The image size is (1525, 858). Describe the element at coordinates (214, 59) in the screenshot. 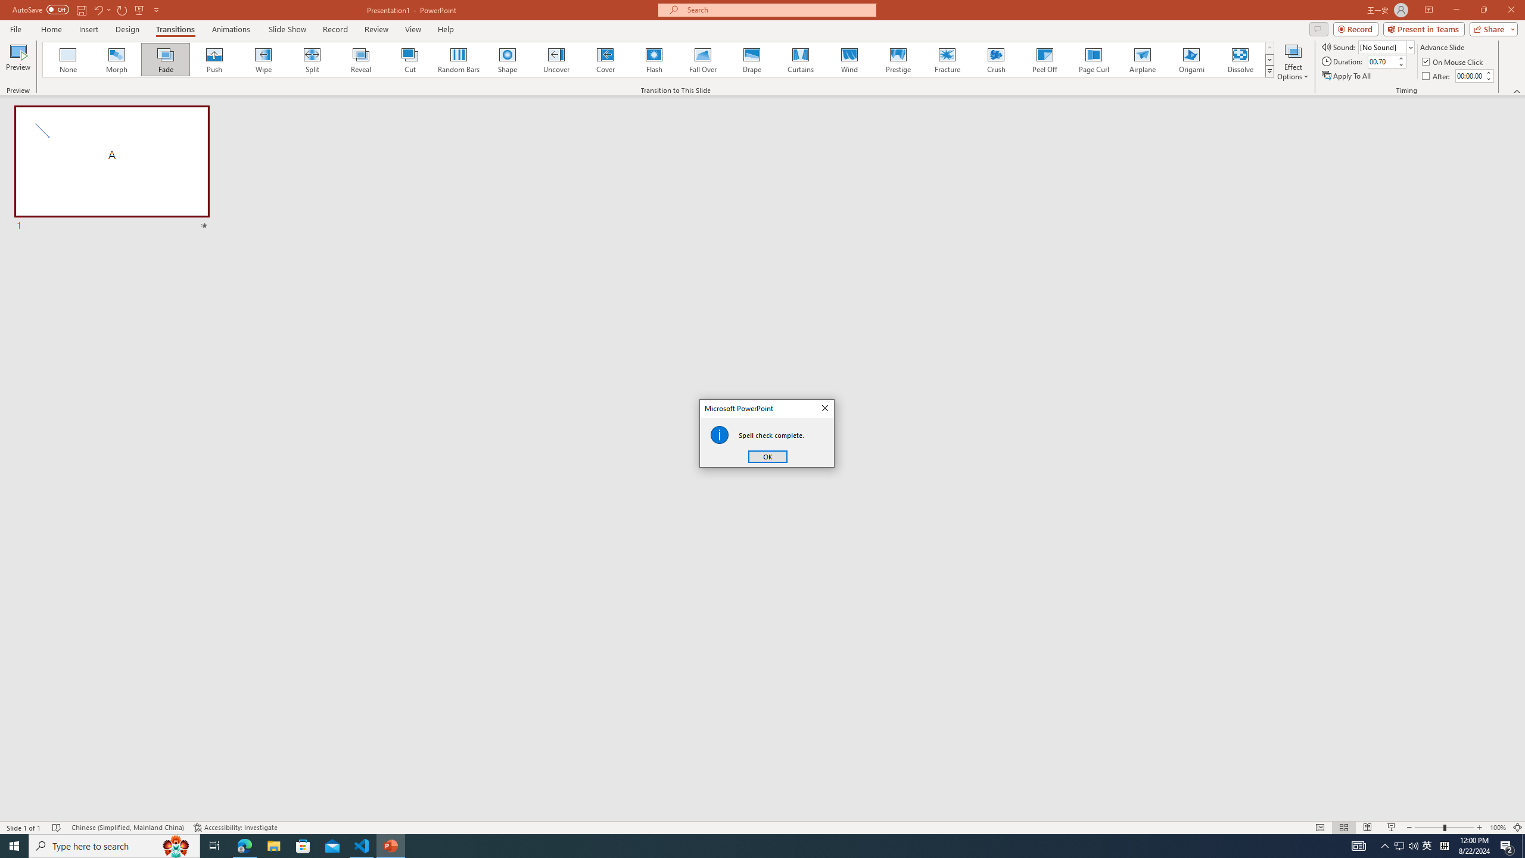

I see `'Push'` at that location.